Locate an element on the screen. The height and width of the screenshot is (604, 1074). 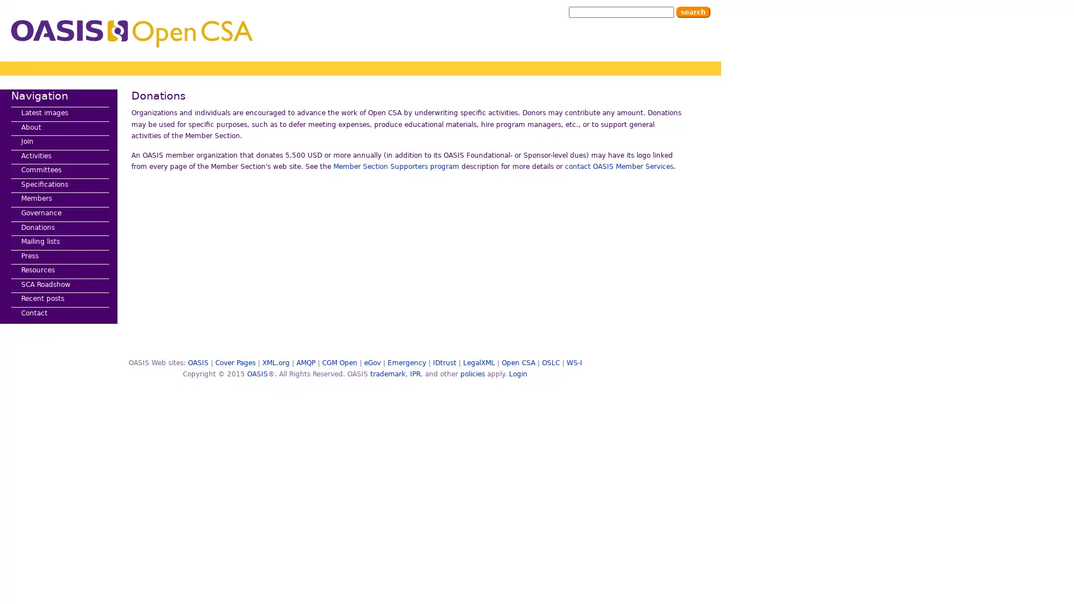
Search is located at coordinates (693, 12).